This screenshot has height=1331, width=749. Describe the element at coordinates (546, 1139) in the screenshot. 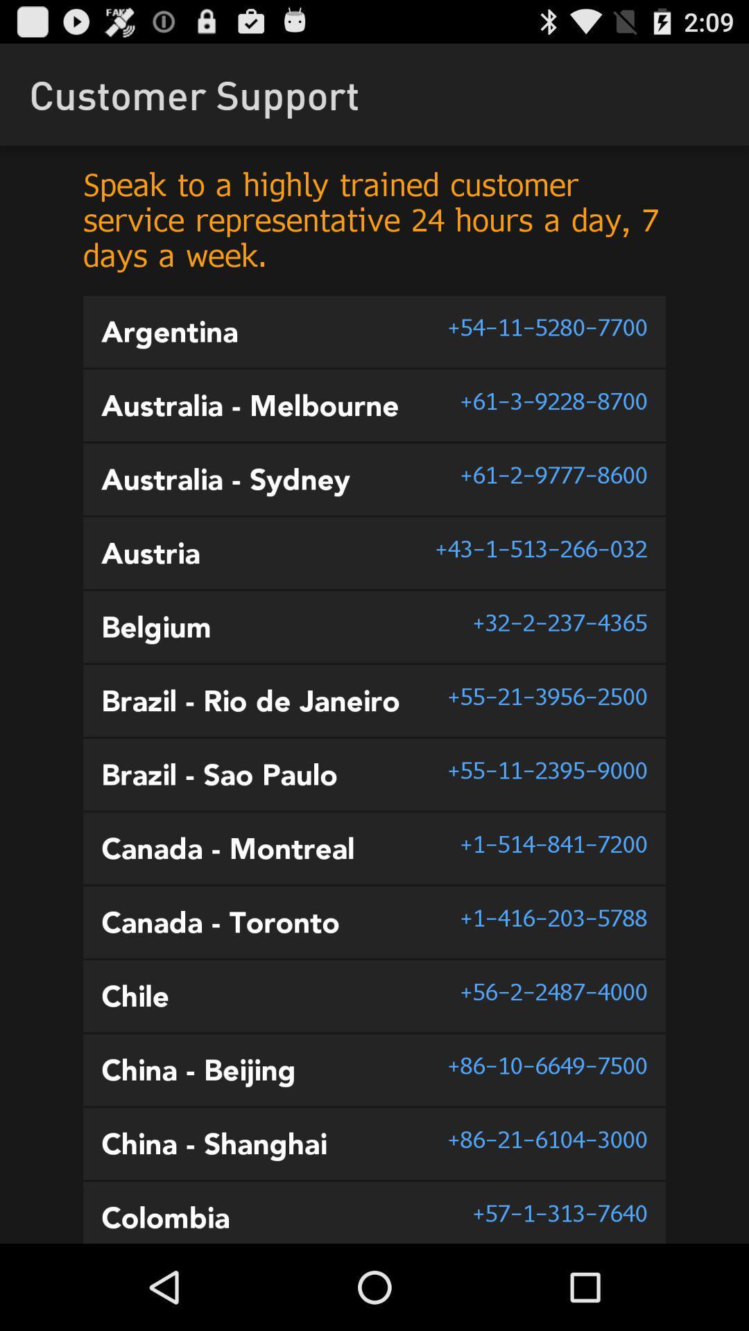

I see `item to the right of china - shanghai item` at that location.